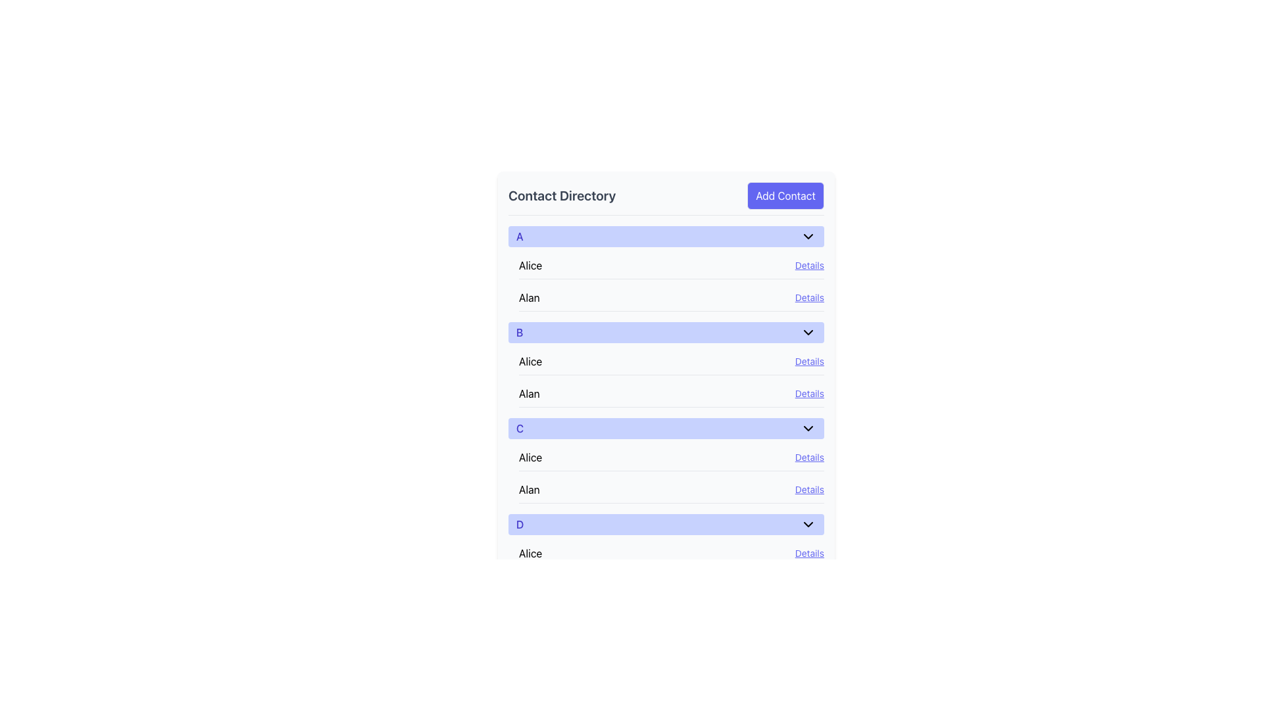 The width and height of the screenshot is (1263, 710). Describe the element at coordinates (530, 553) in the screenshot. I see `the text label displaying 'Alice' in the directory list under the 'D' section` at that location.